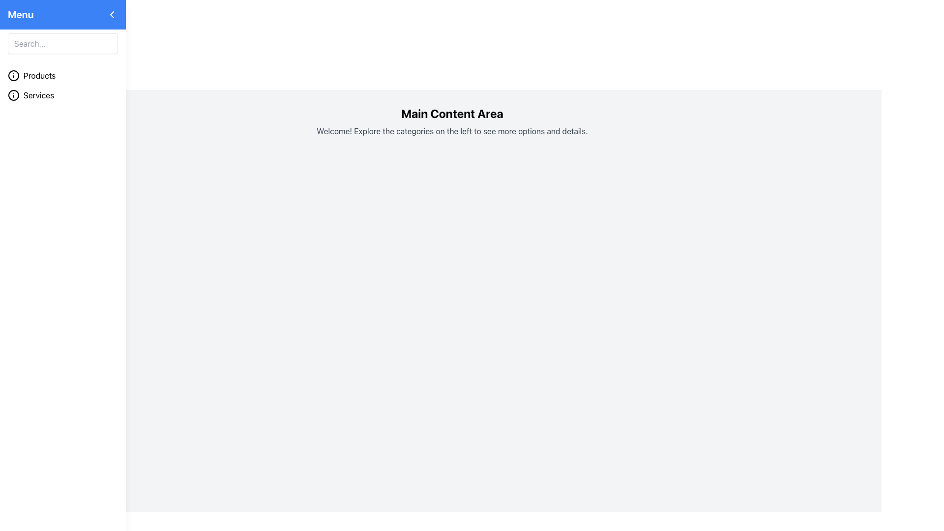 The width and height of the screenshot is (944, 531). I want to click on the bold text label reading 'Menu' located at the top of the sidebar, which has a white color and is set against a blue background, so click(21, 15).